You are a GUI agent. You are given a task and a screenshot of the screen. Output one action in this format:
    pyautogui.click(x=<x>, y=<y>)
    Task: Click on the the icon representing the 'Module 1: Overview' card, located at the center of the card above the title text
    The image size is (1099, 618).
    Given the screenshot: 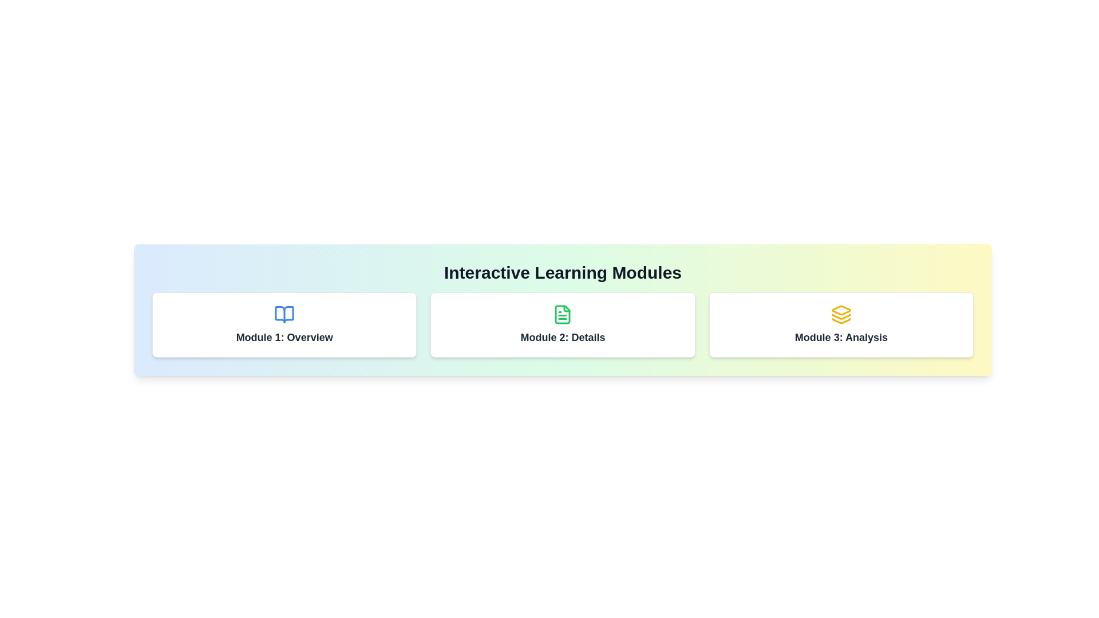 What is the action you would take?
    pyautogui.click(x=284, y=315)
    